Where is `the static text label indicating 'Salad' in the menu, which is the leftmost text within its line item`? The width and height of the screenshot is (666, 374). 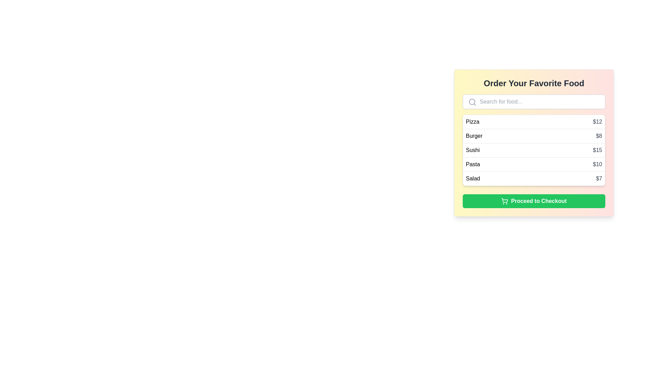
the static text label indicating 'Salad' in the menu, which is the leftmost text within its line item is located at coordinates (472, 178).